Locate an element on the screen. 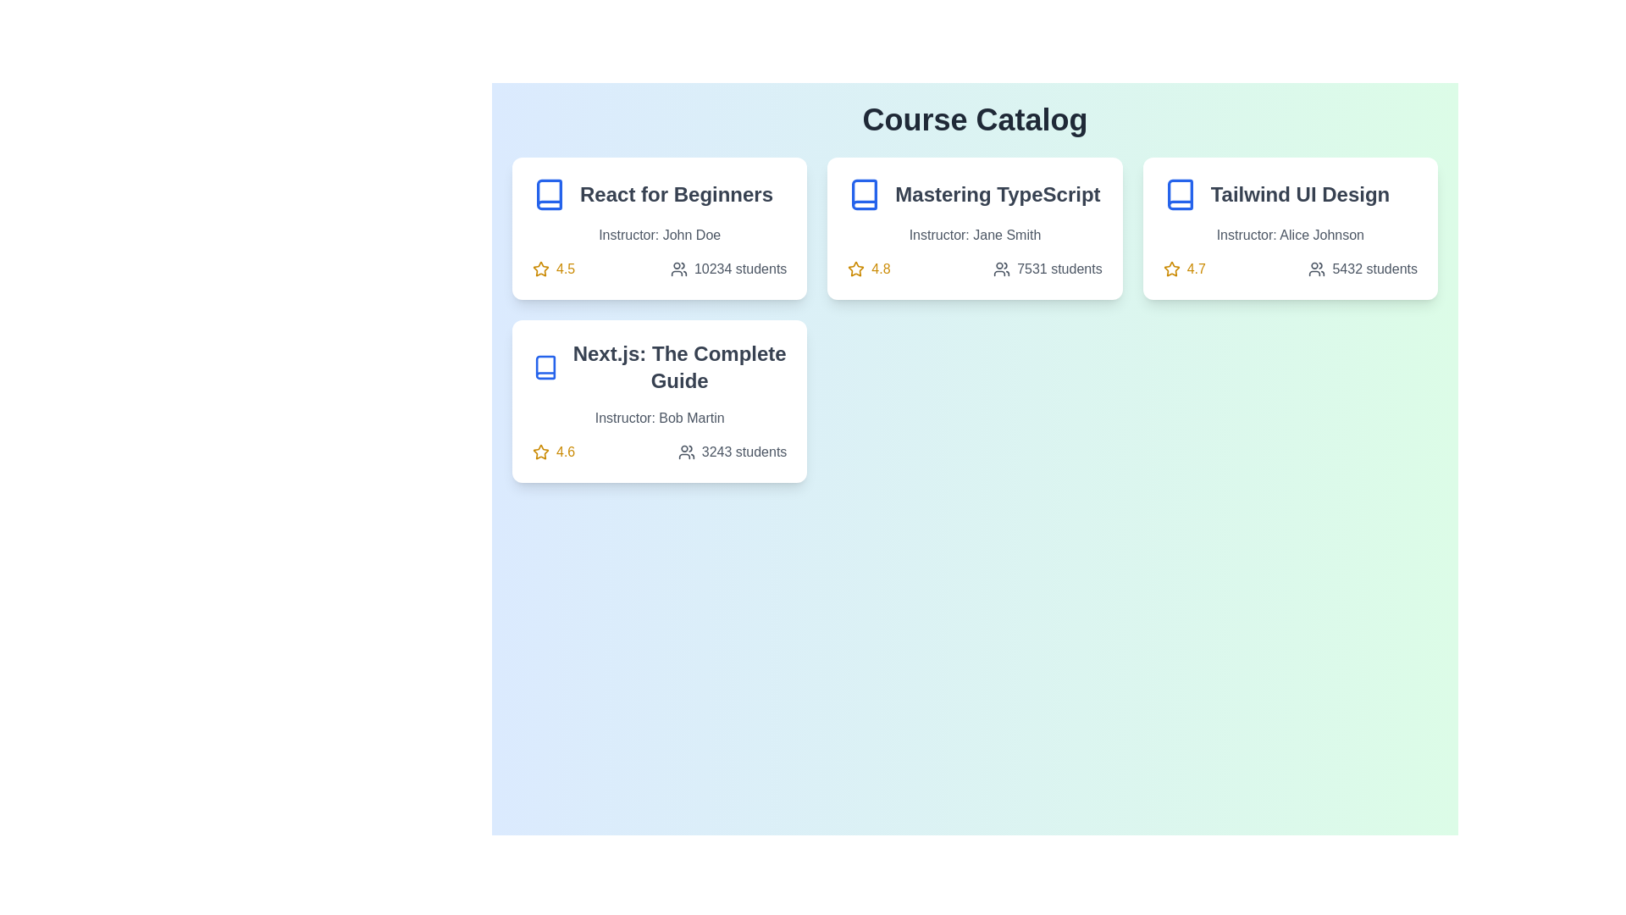 This screenshot has width=1626, height=915. the Icon (SVG graphic) located in the top-left corner of the card layout for the course 'Next.js: The Complete Guide' is located at coordinates (545, 367).